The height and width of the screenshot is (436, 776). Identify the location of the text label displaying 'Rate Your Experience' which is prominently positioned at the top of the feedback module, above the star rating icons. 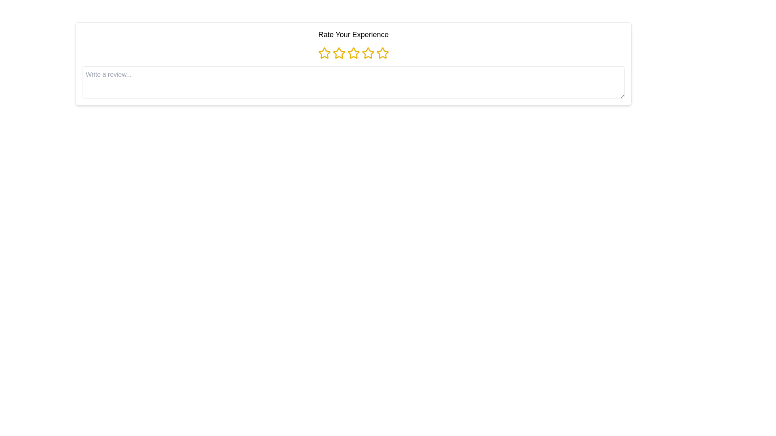
(353, 34).